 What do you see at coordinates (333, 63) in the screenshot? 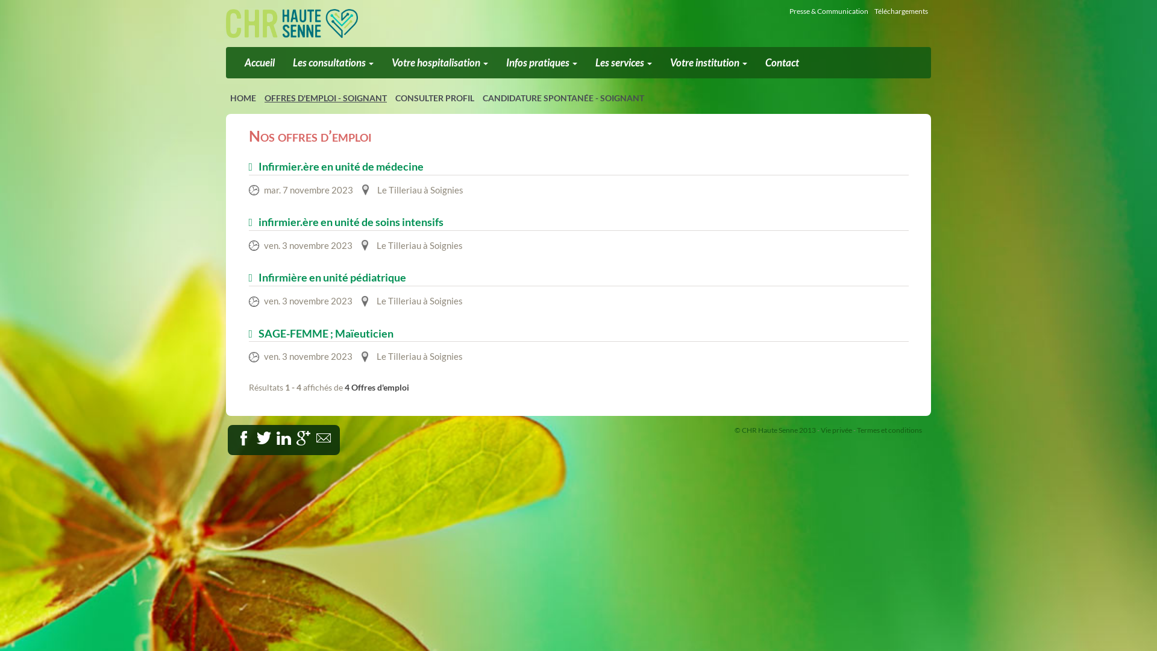
I see `'Les consultations'` at bounding box center [333, 63].